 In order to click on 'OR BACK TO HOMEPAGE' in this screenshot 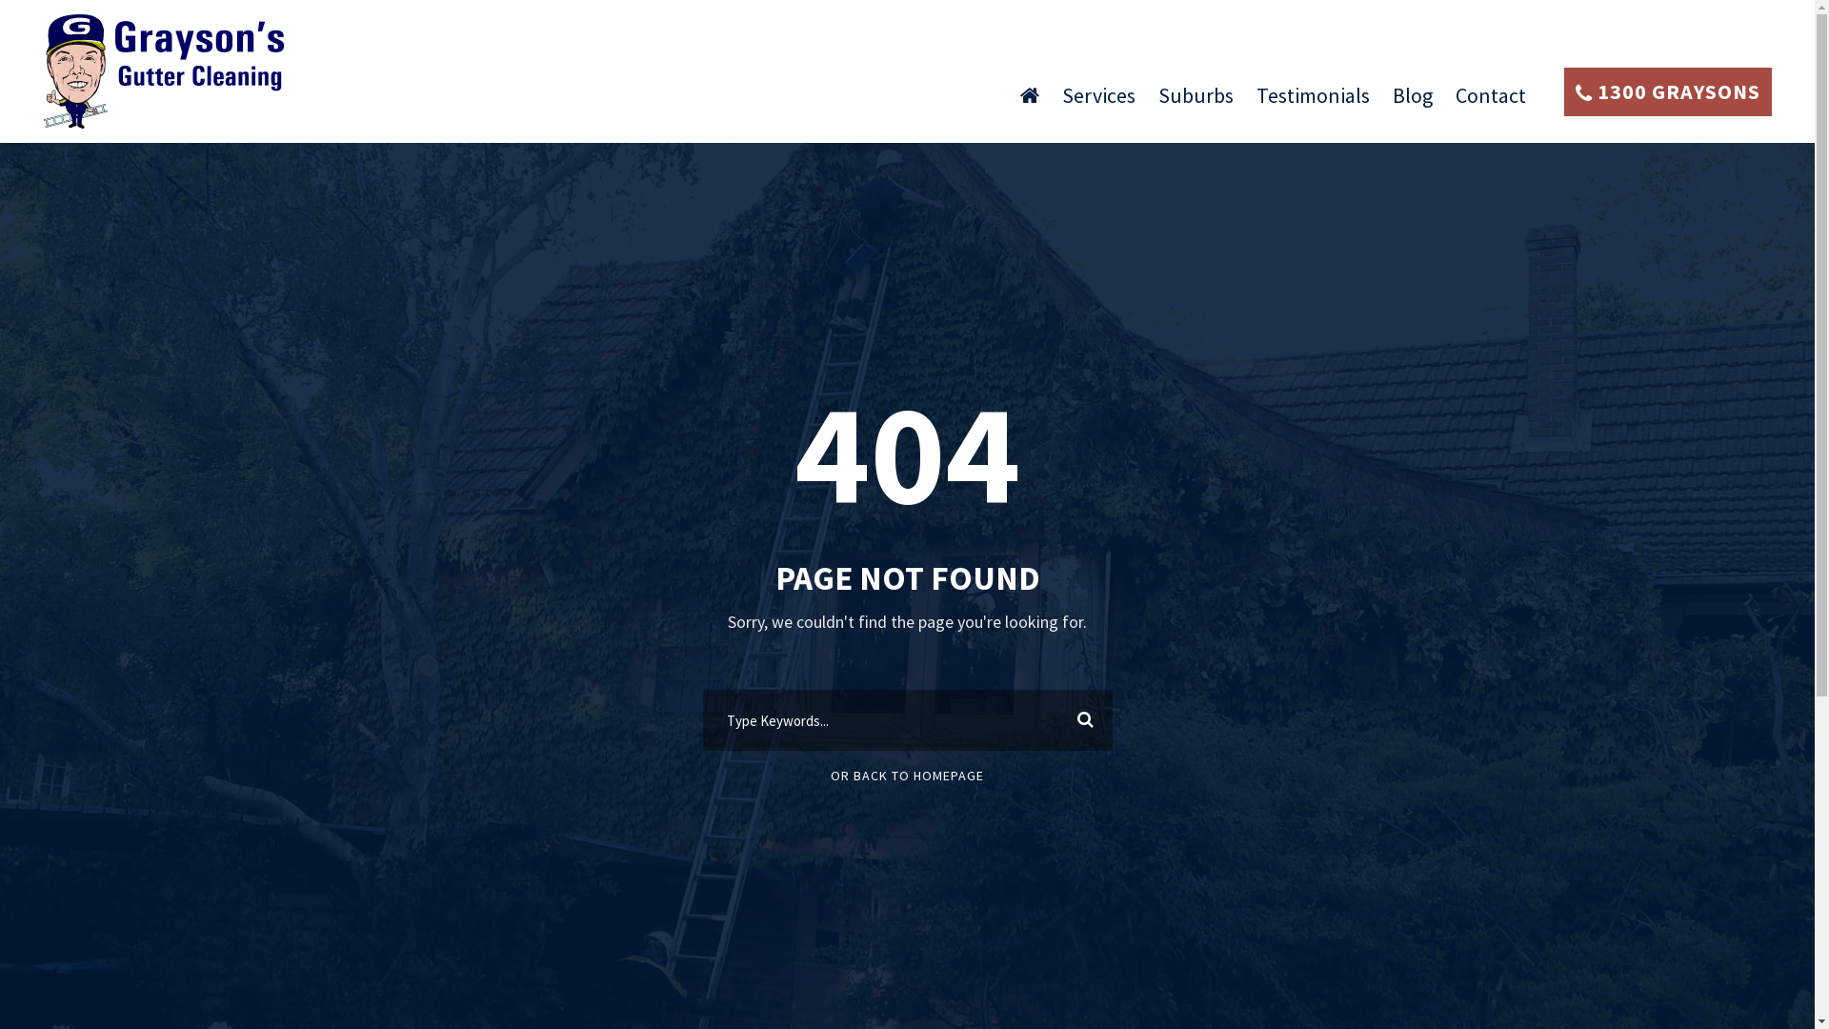, I will do `click(831, 775)`.